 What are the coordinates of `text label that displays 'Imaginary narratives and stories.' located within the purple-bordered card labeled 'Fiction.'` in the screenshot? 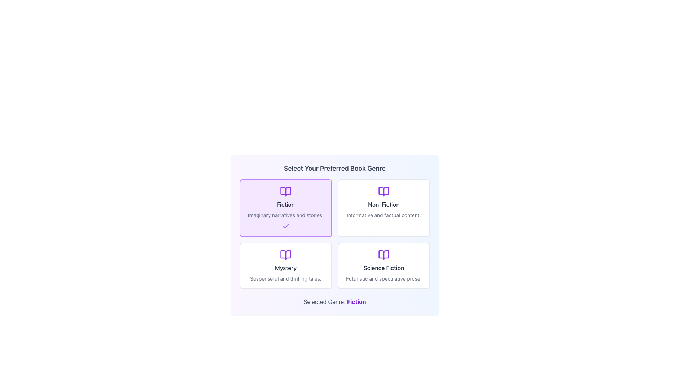 It's located at (285, 215).